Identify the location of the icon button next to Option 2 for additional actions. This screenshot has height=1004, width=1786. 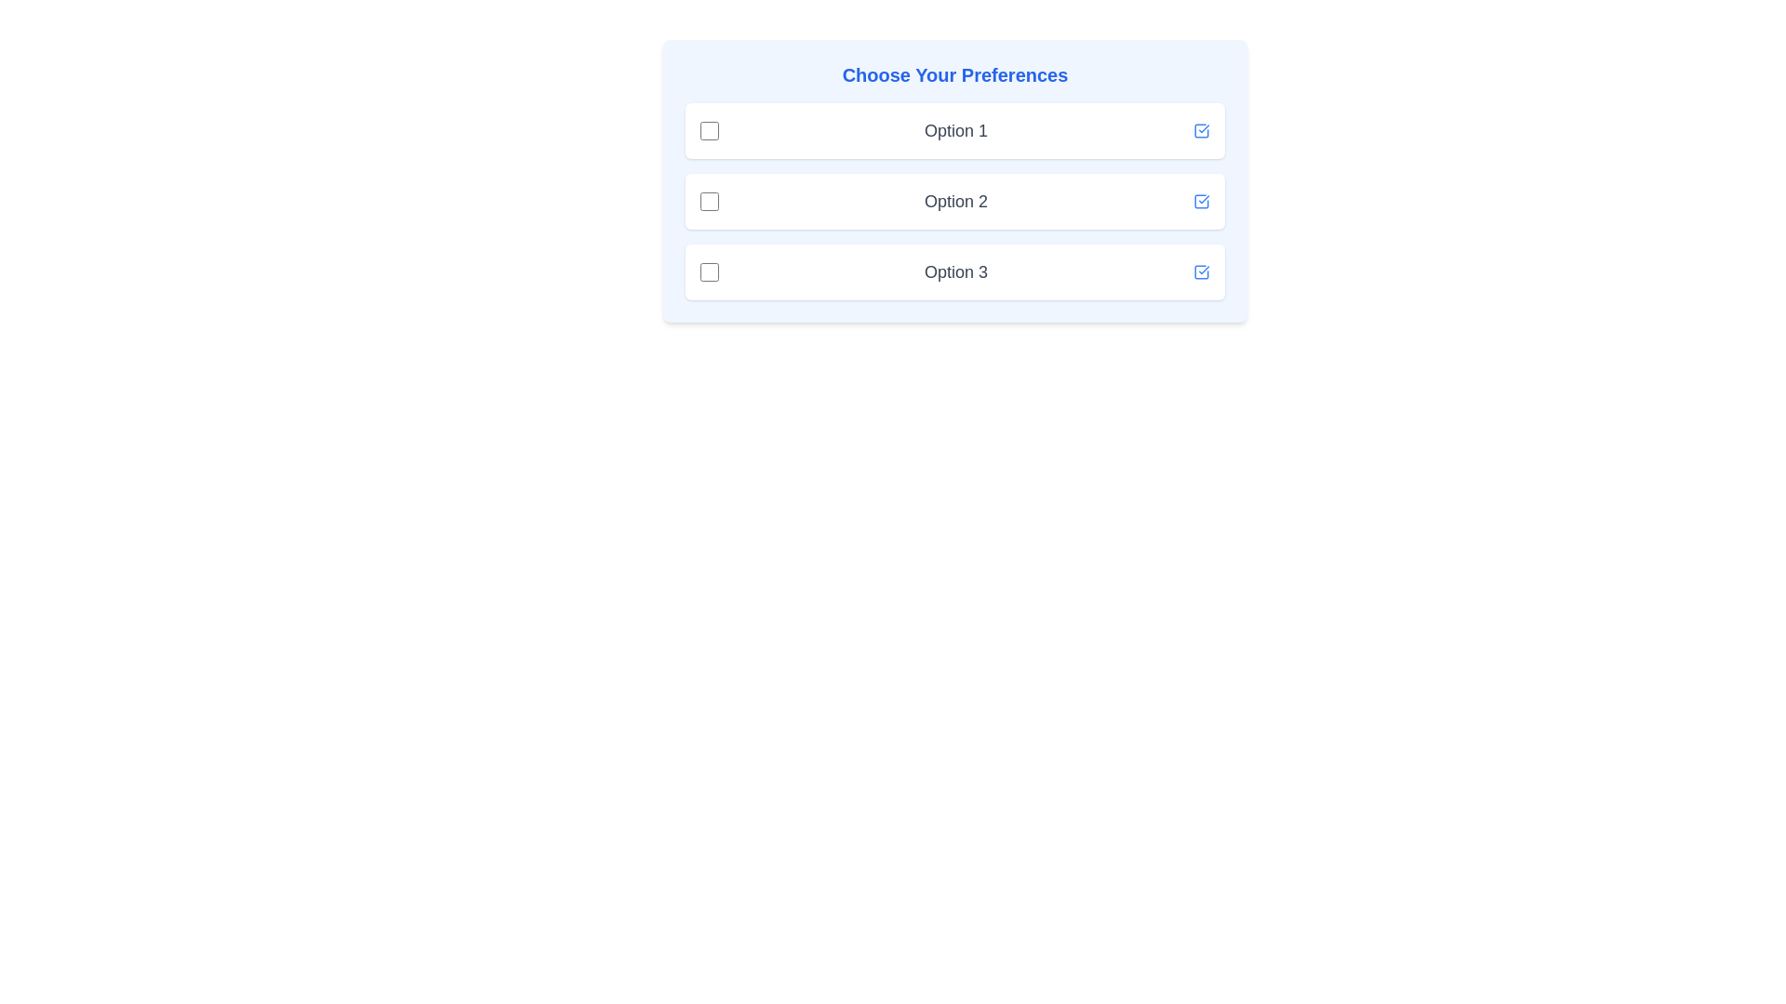
(1201, 201).